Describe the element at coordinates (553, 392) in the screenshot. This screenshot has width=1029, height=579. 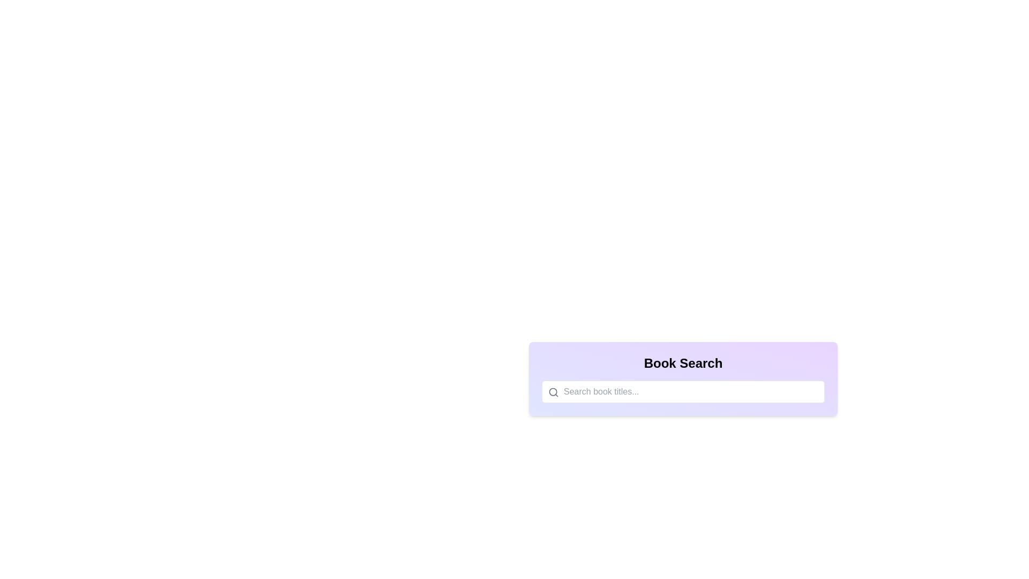
I see `the gray circular search icon located on the left side of the 'Search book titles...' input field to initiate a search action` at that location.